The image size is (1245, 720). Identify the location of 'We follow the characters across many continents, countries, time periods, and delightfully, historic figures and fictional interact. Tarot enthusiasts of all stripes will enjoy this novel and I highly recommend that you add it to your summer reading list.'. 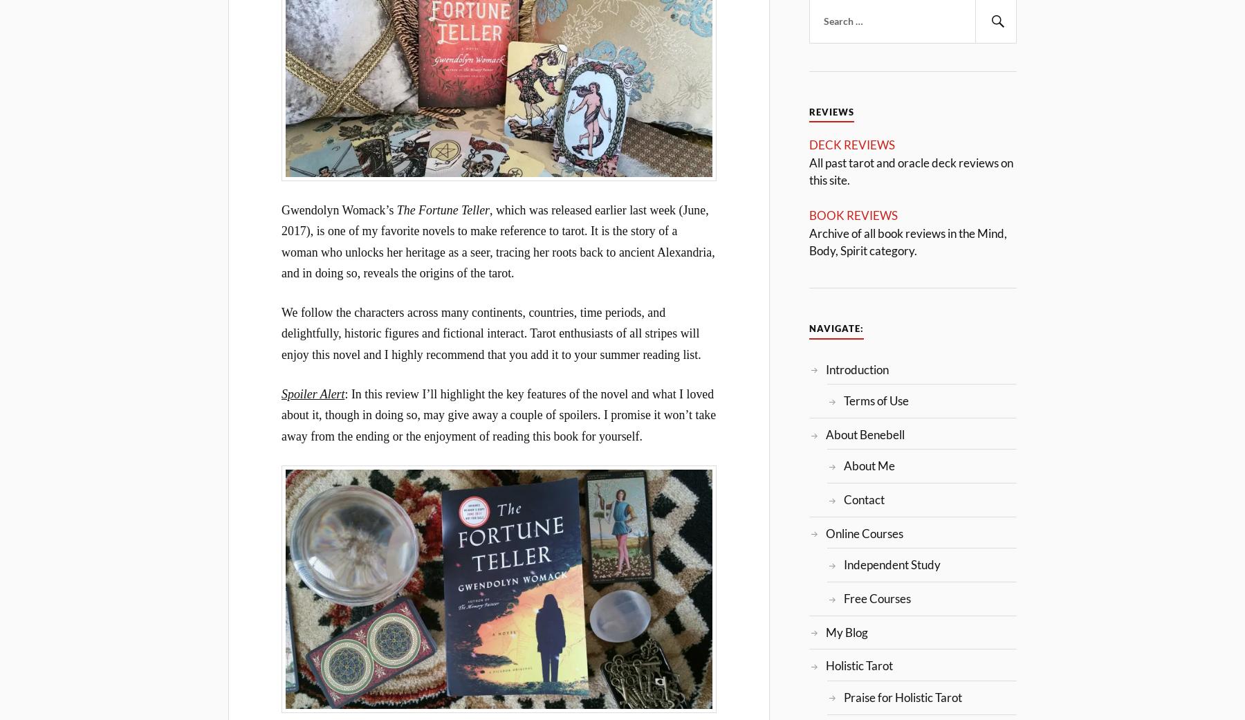
(490, 332).